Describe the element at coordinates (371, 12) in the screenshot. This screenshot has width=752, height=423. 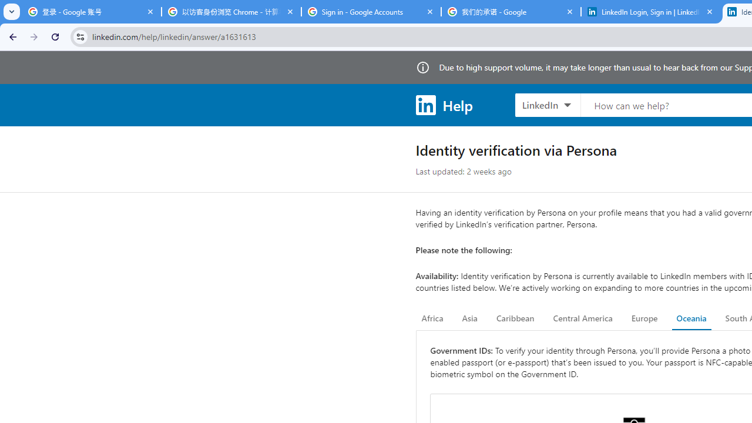
I see `'Sign in - Google Accounts'` at that location.